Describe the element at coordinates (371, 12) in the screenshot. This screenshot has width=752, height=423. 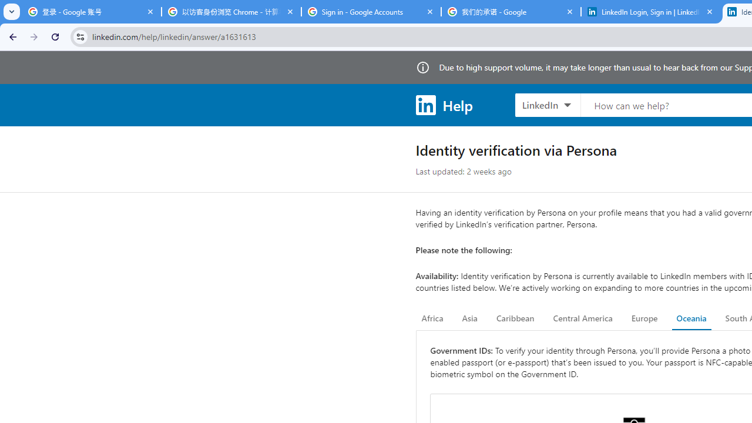
I see `'Sign in - Google Accounts'` at that location.